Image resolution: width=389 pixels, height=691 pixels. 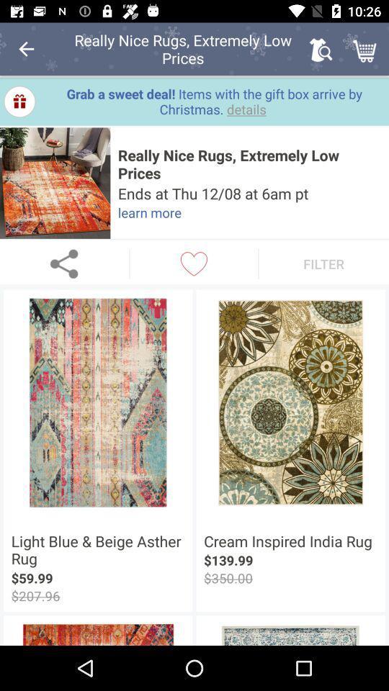 What do you see at coordinates (26, 49) in the screenshot?
I see `the item next to the really nice rugs item` at bounding box center [26, 49].